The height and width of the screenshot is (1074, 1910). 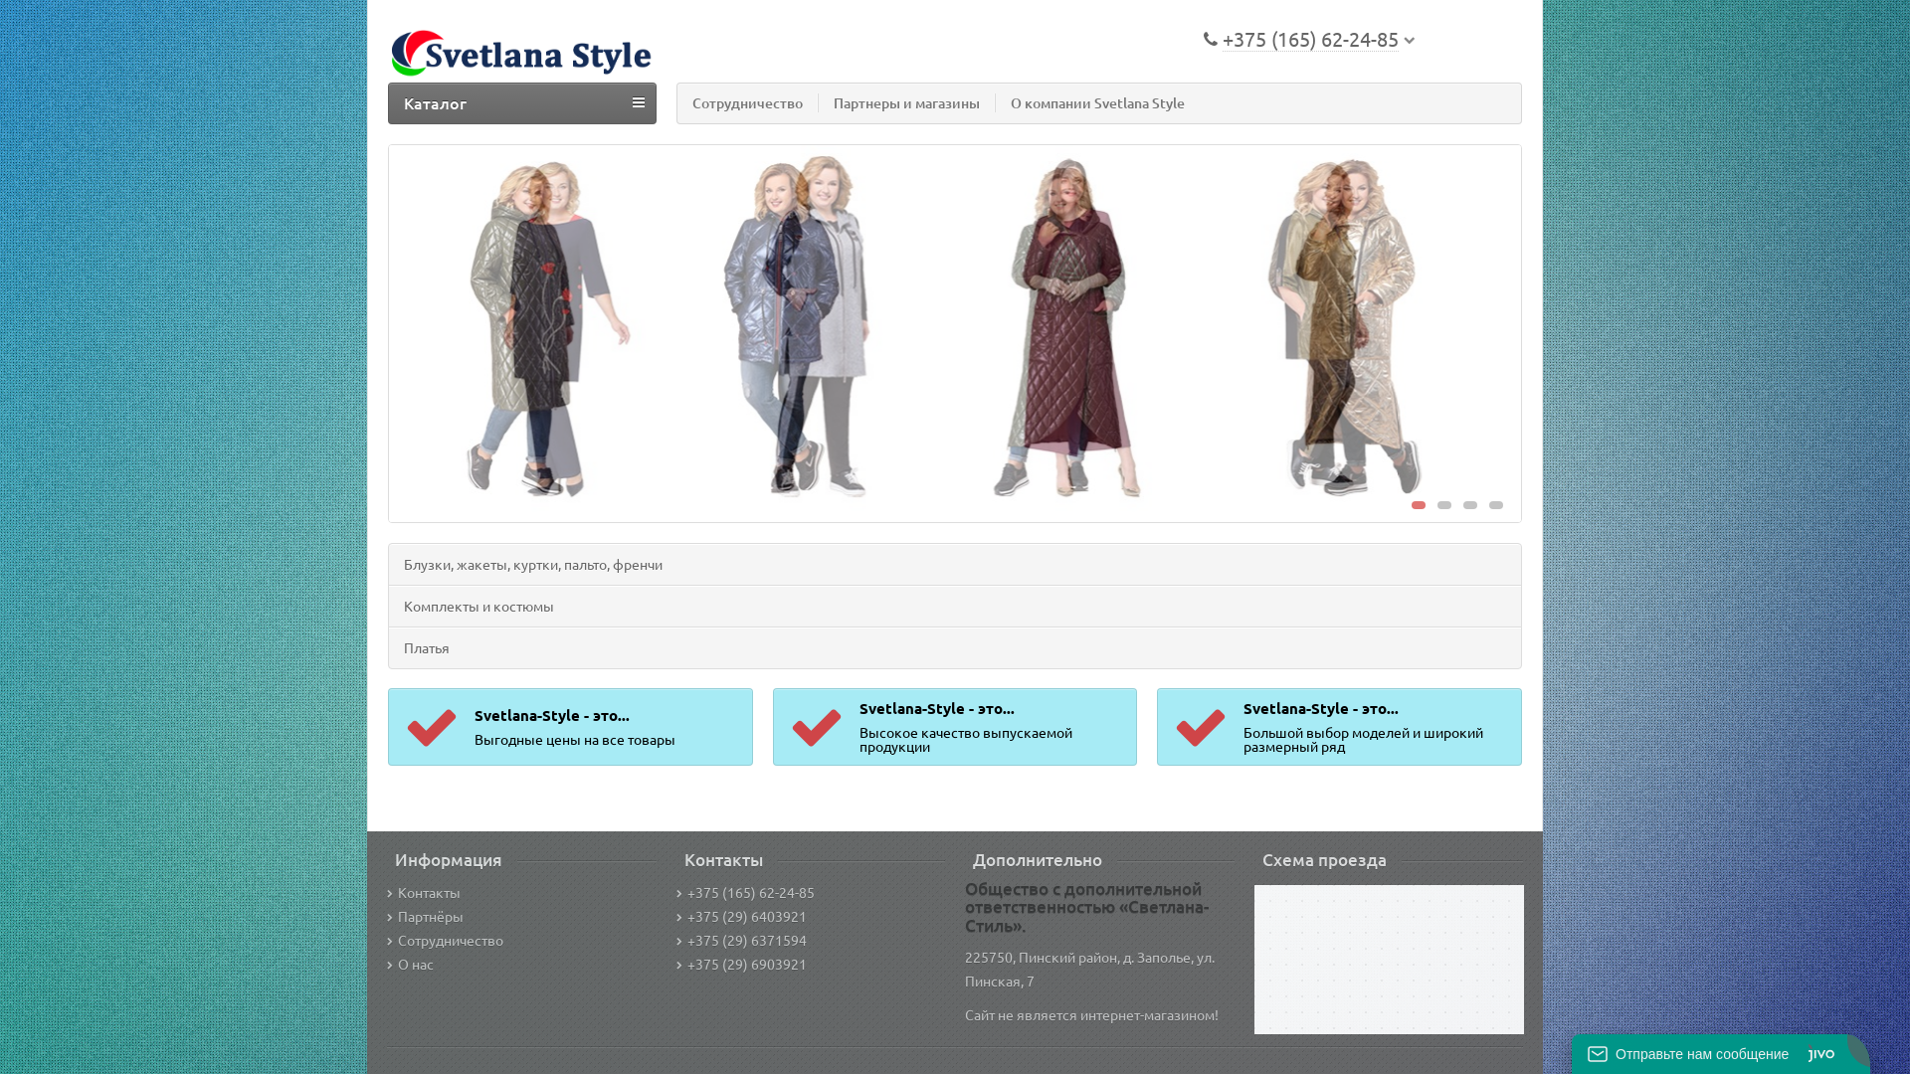 What do you see at coordinates (740, 962) in the screenshot?
I see `'+375 (29) 6903921'` at bounding box center [740, 962].